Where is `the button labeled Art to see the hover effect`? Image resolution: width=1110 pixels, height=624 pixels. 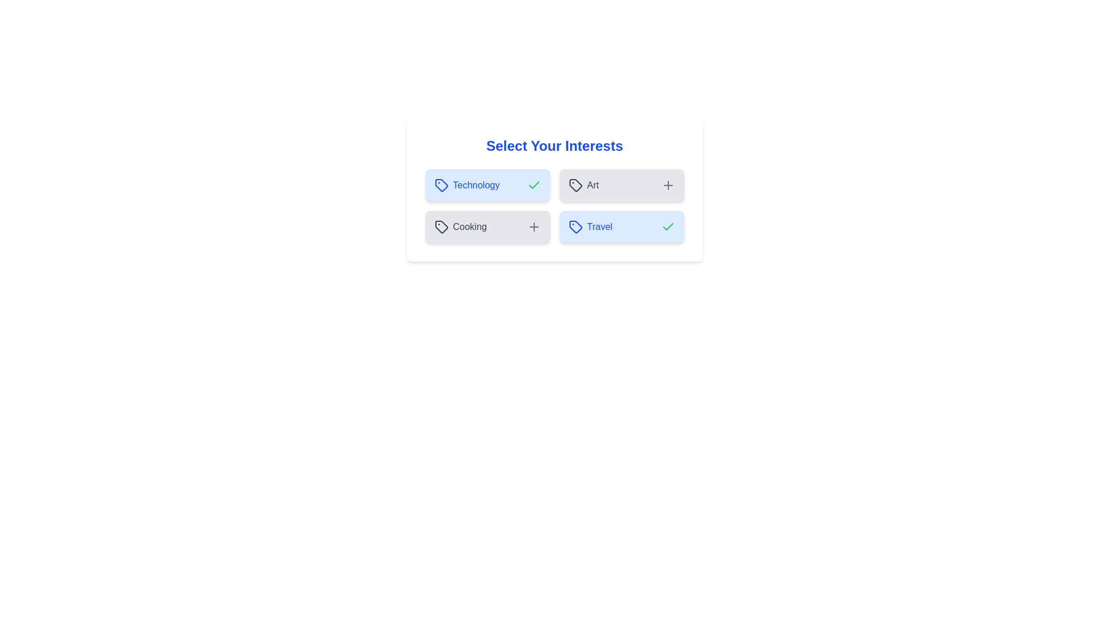
the button labeled Art to see the hover effect is located at coordinates (621, 184).